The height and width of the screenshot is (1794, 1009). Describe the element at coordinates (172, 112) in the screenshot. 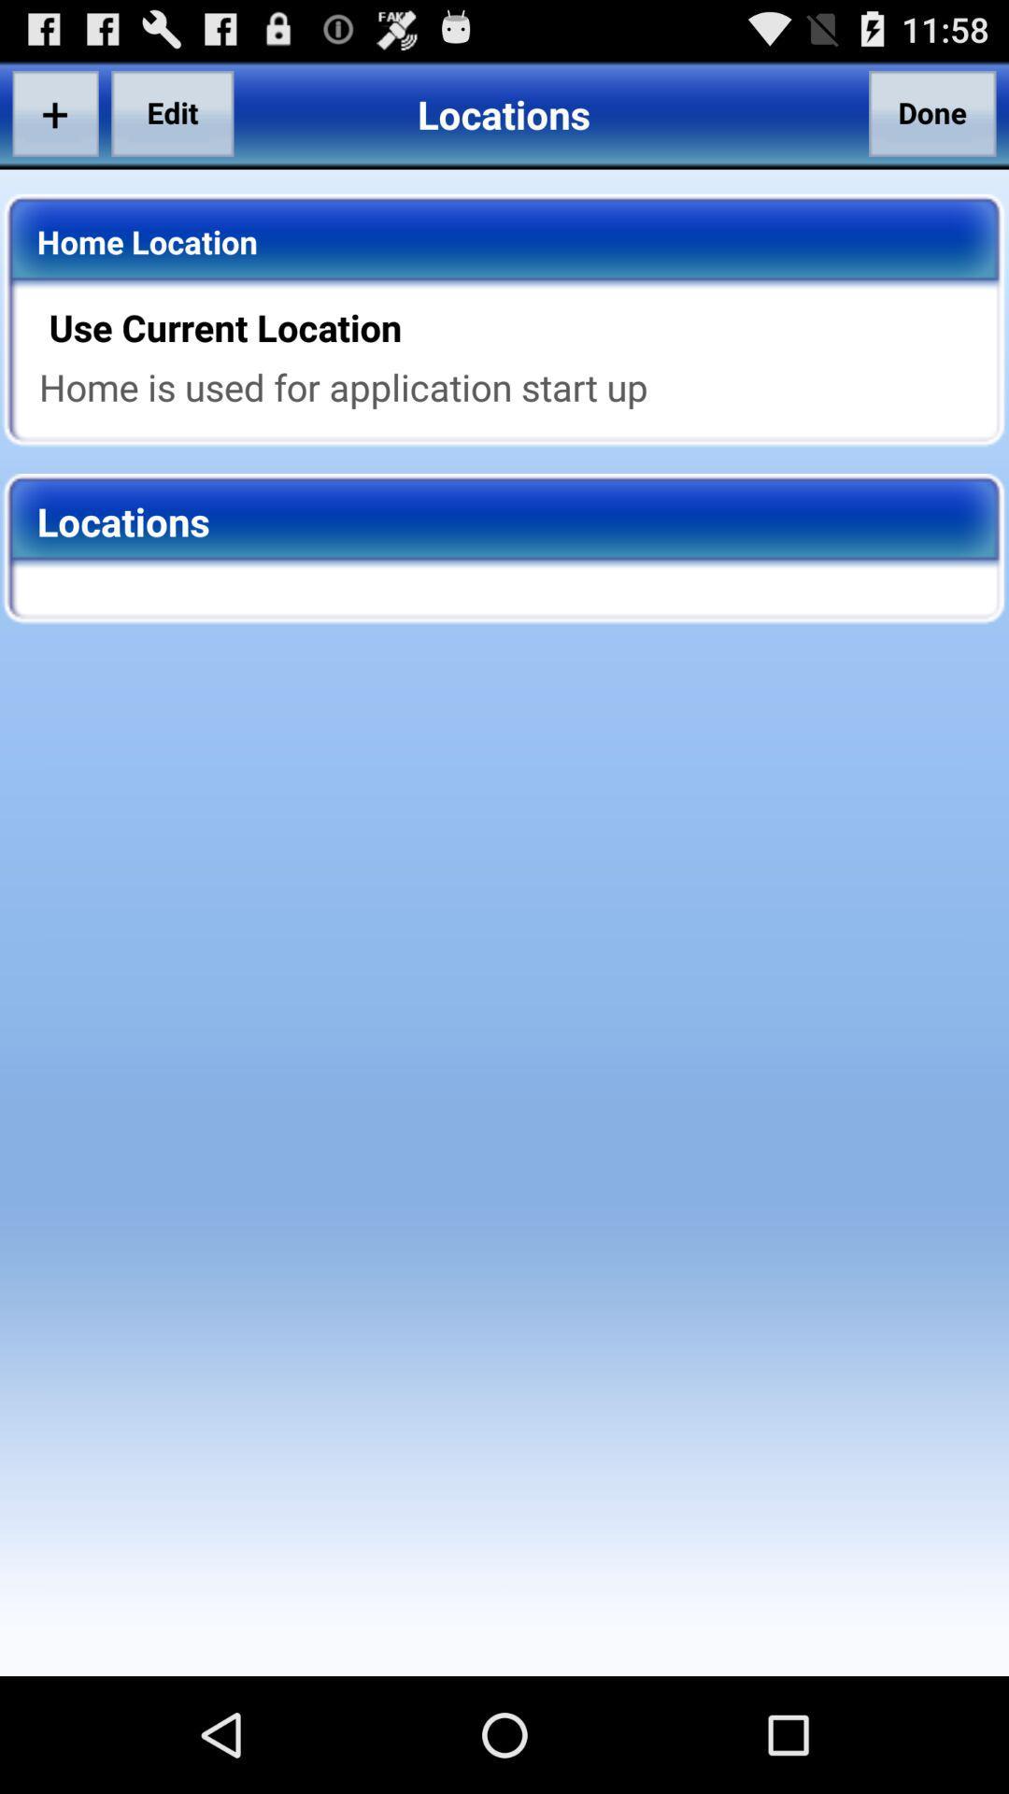

I see `the item above home location app` at that location.